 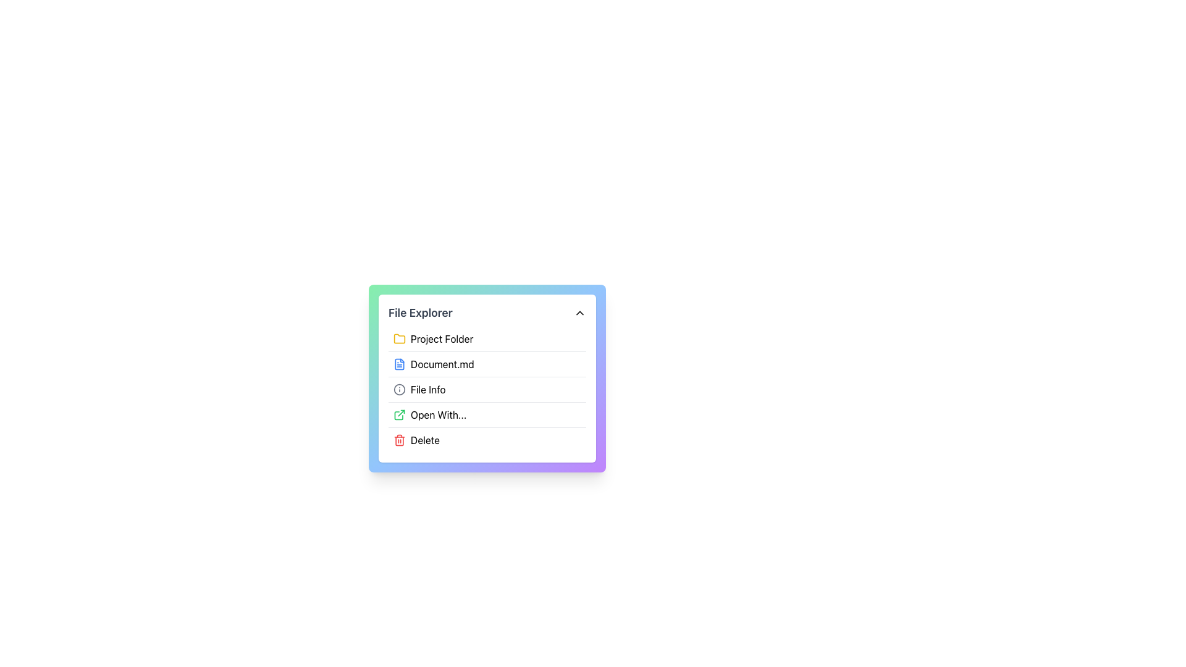 I want to click on the text label that indicates an option related, so click(x=428, y=390).